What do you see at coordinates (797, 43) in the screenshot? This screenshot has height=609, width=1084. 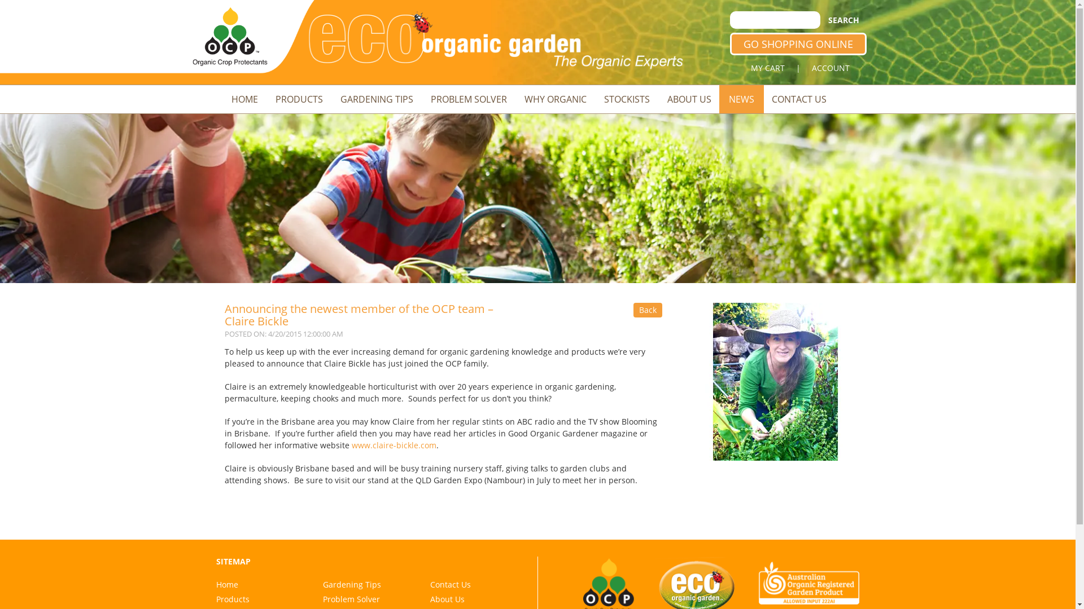 I see `'GO SHOPPING ONLINE'` at bounding box center [797, 43].